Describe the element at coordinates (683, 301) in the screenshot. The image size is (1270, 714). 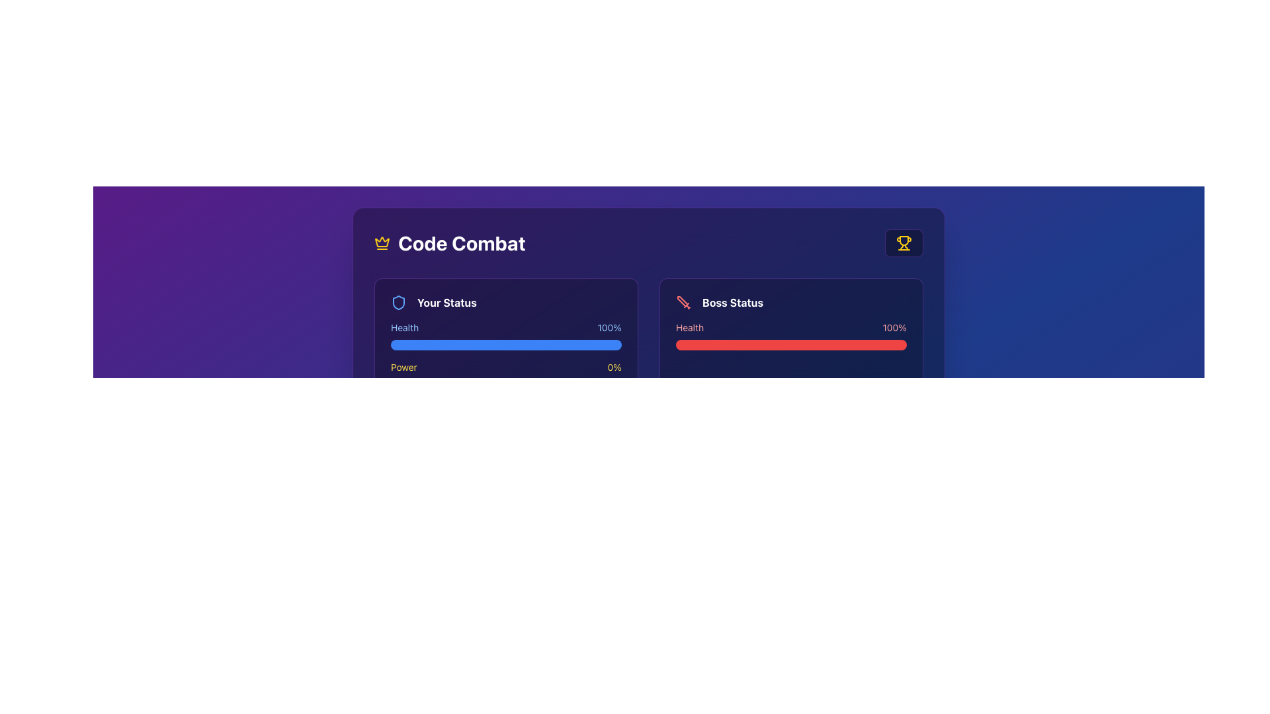
I see `the leftmost SVG vector graphic of the sword icon in the 'Boss Status' section located in the top-right corner of the card` at that location.